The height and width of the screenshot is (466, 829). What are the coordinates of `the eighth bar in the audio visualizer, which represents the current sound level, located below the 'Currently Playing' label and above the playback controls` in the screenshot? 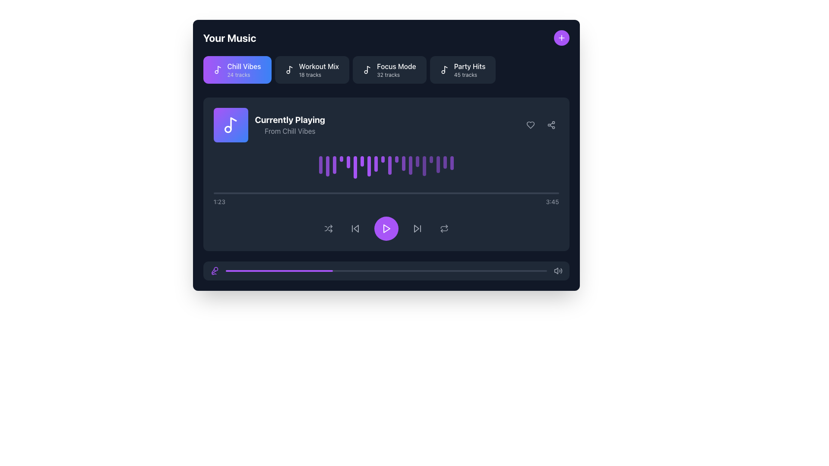 It's located at (369, 166).